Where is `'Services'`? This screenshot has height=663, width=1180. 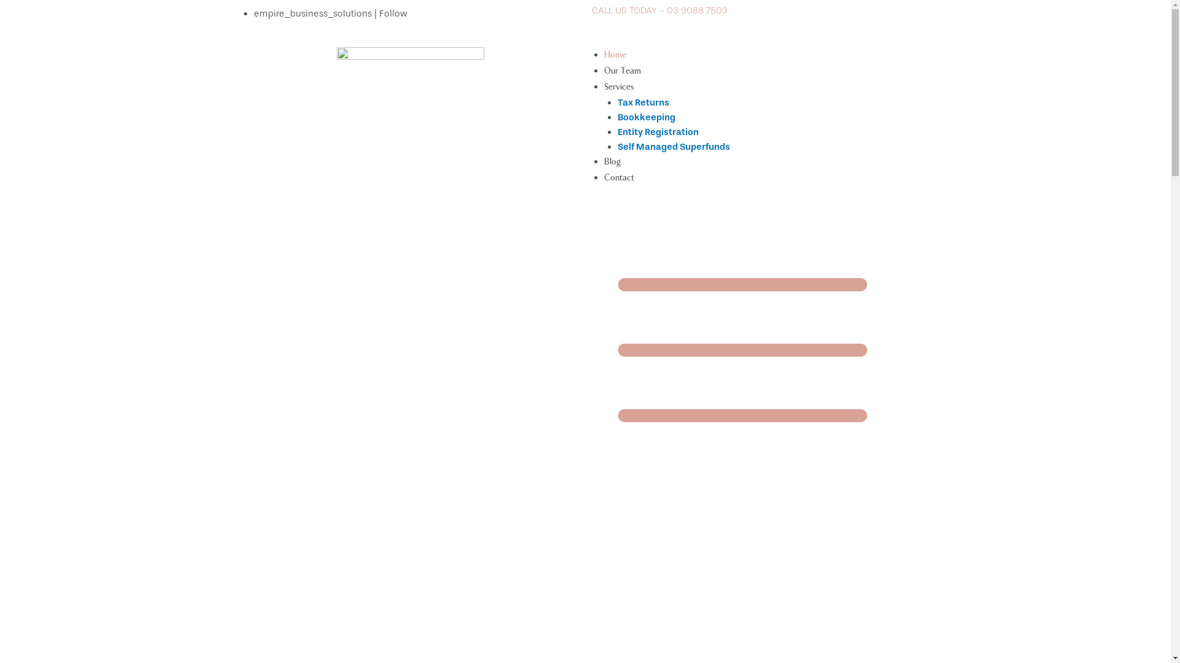 'Services' is located at coordinates (618, 86).